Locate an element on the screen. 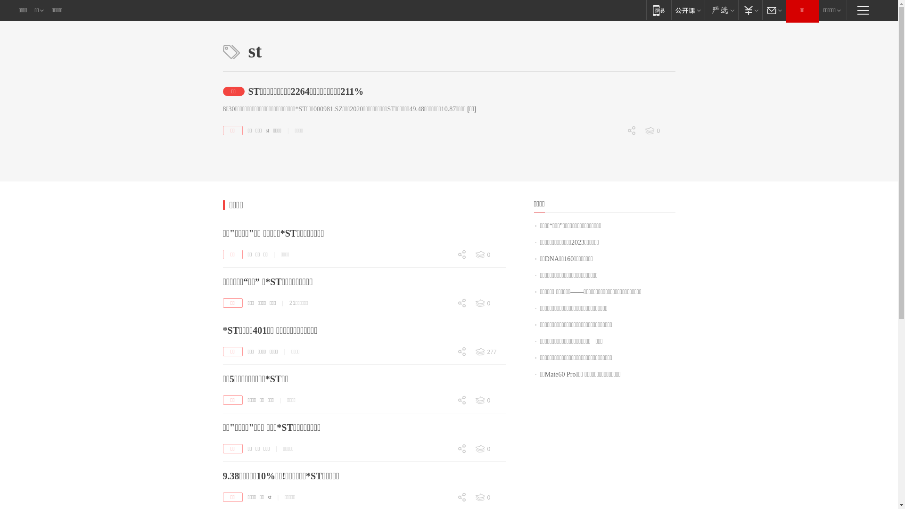 Image resolution: width=905 pixels, height=509 pixels. '0' is located at coordinates (443, 498).